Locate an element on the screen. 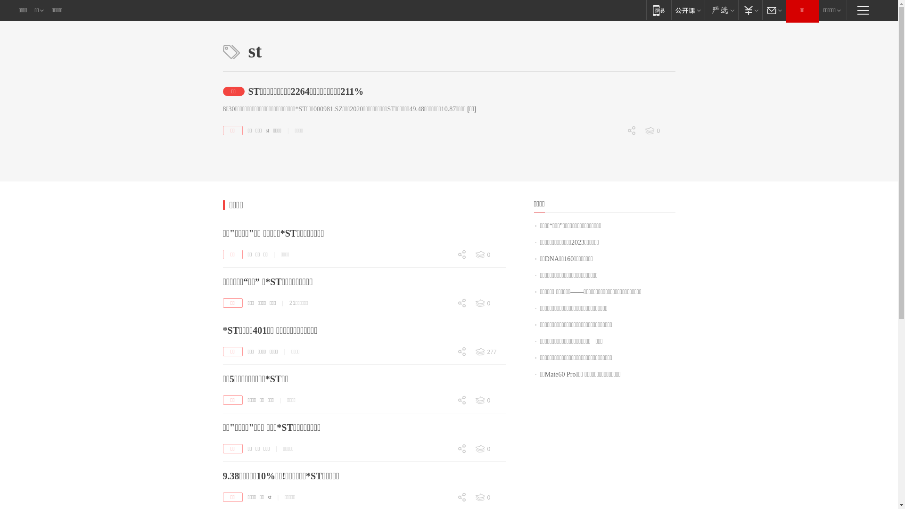 Image resolution: width=905 pixels, height=509 pixels. '0' is located at coordinates (443, 498).